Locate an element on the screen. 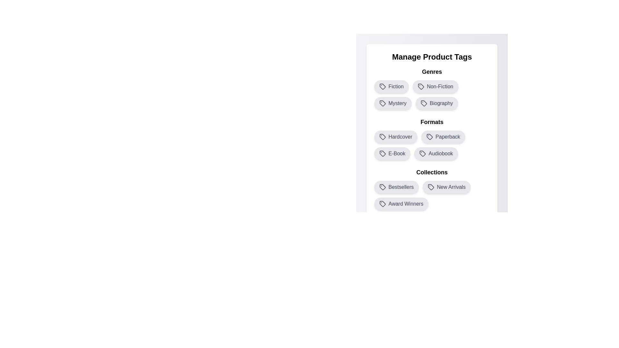  the decorative 'Bestsellers' tag icon located in the top-left corner of the 'Collections' section of the product tag manager interface is located at coordinates (382, 187).